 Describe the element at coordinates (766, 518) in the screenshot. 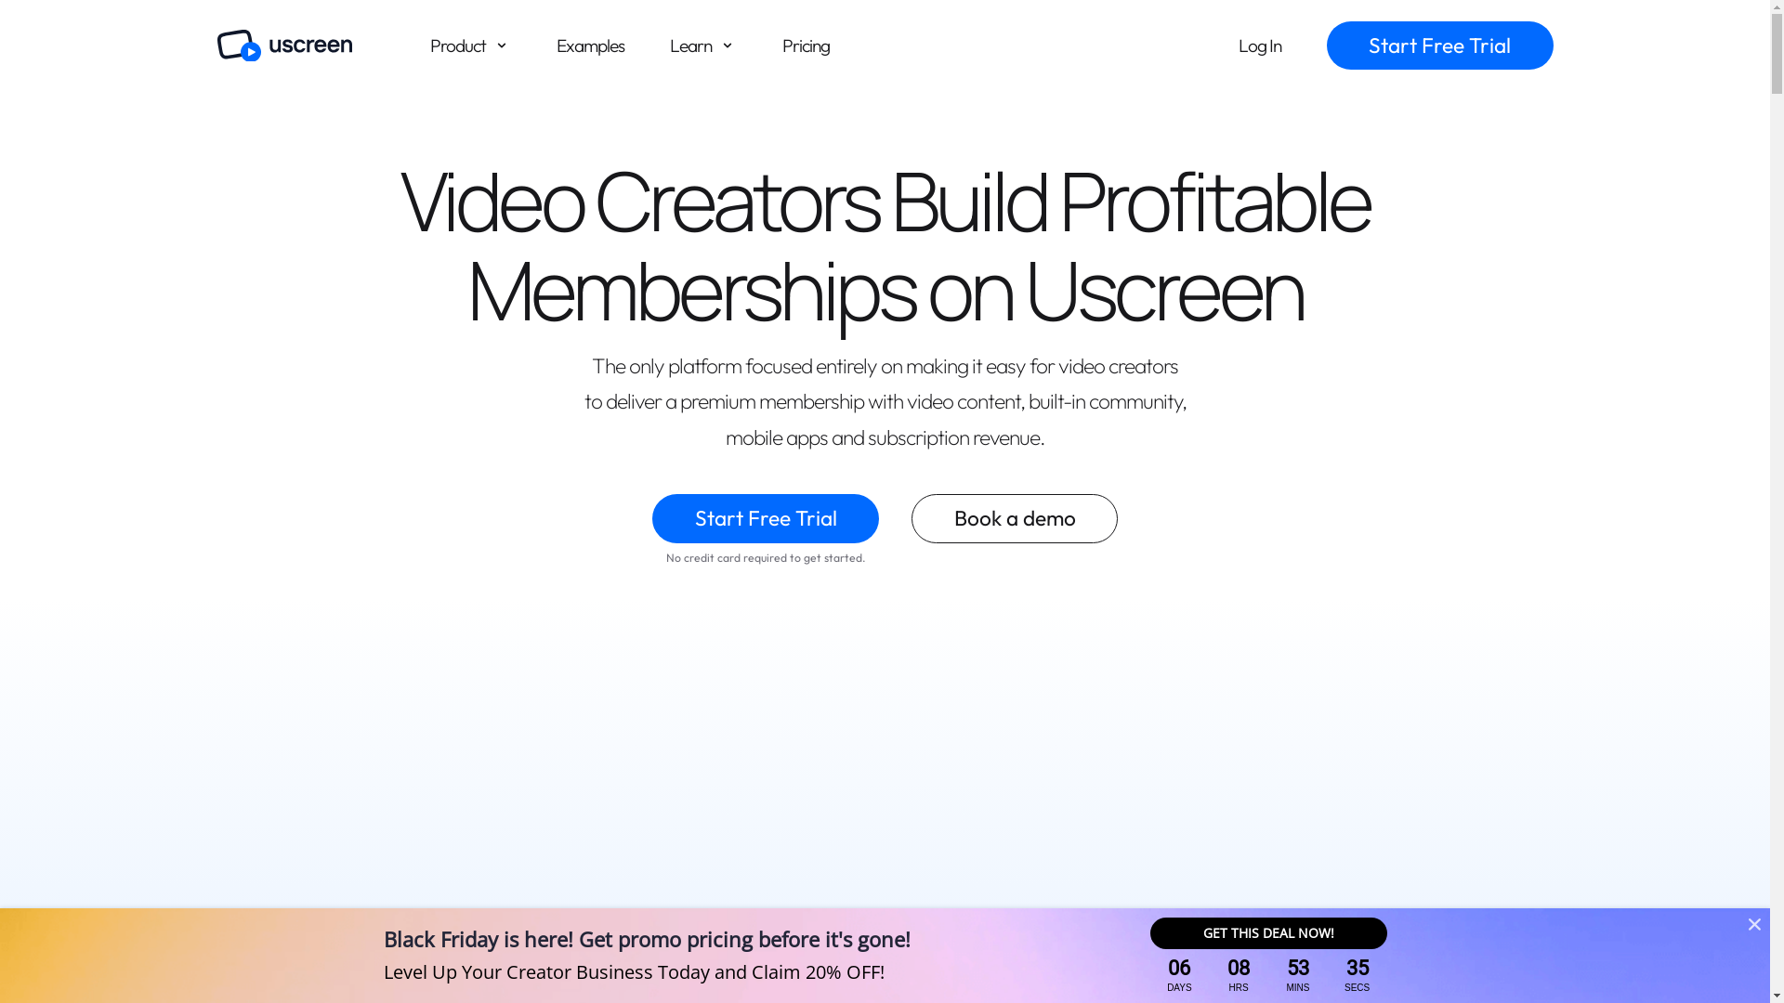

I see `'Start Free Trial'` at that location.